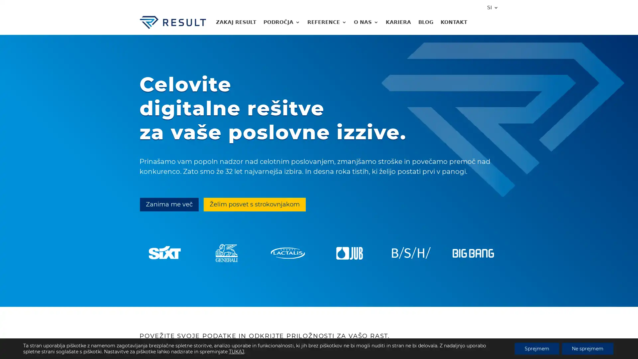 Image resolution: width=638 pixels, height=359 pixels. I want to click on Ne sprejmem, so click(587, 348).